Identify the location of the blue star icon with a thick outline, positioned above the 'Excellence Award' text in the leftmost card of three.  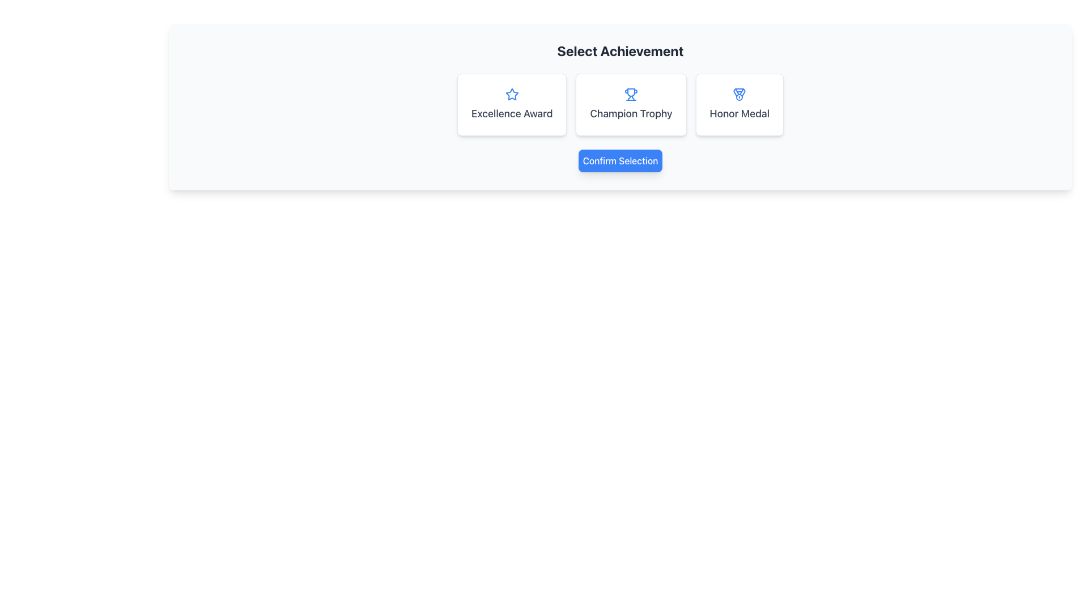
(511, 93).